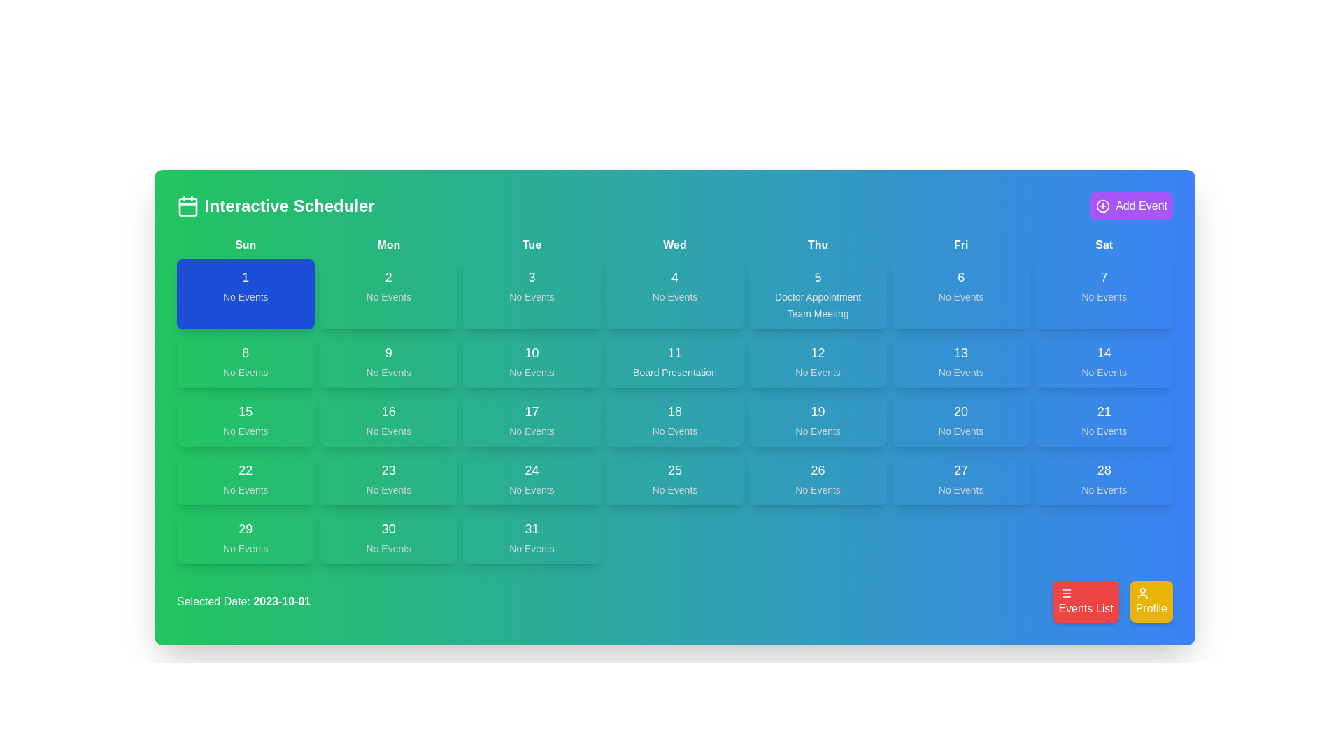 The width and height of the screenshot is (1343, 755). What do you see at coordinates (246, 411) in the screenshot?
I see `displayed text '15' from the Text Label, which is centered and styled with a bold font on a green gradient background in the calendar grid layout` at bounding box center [246, 411].